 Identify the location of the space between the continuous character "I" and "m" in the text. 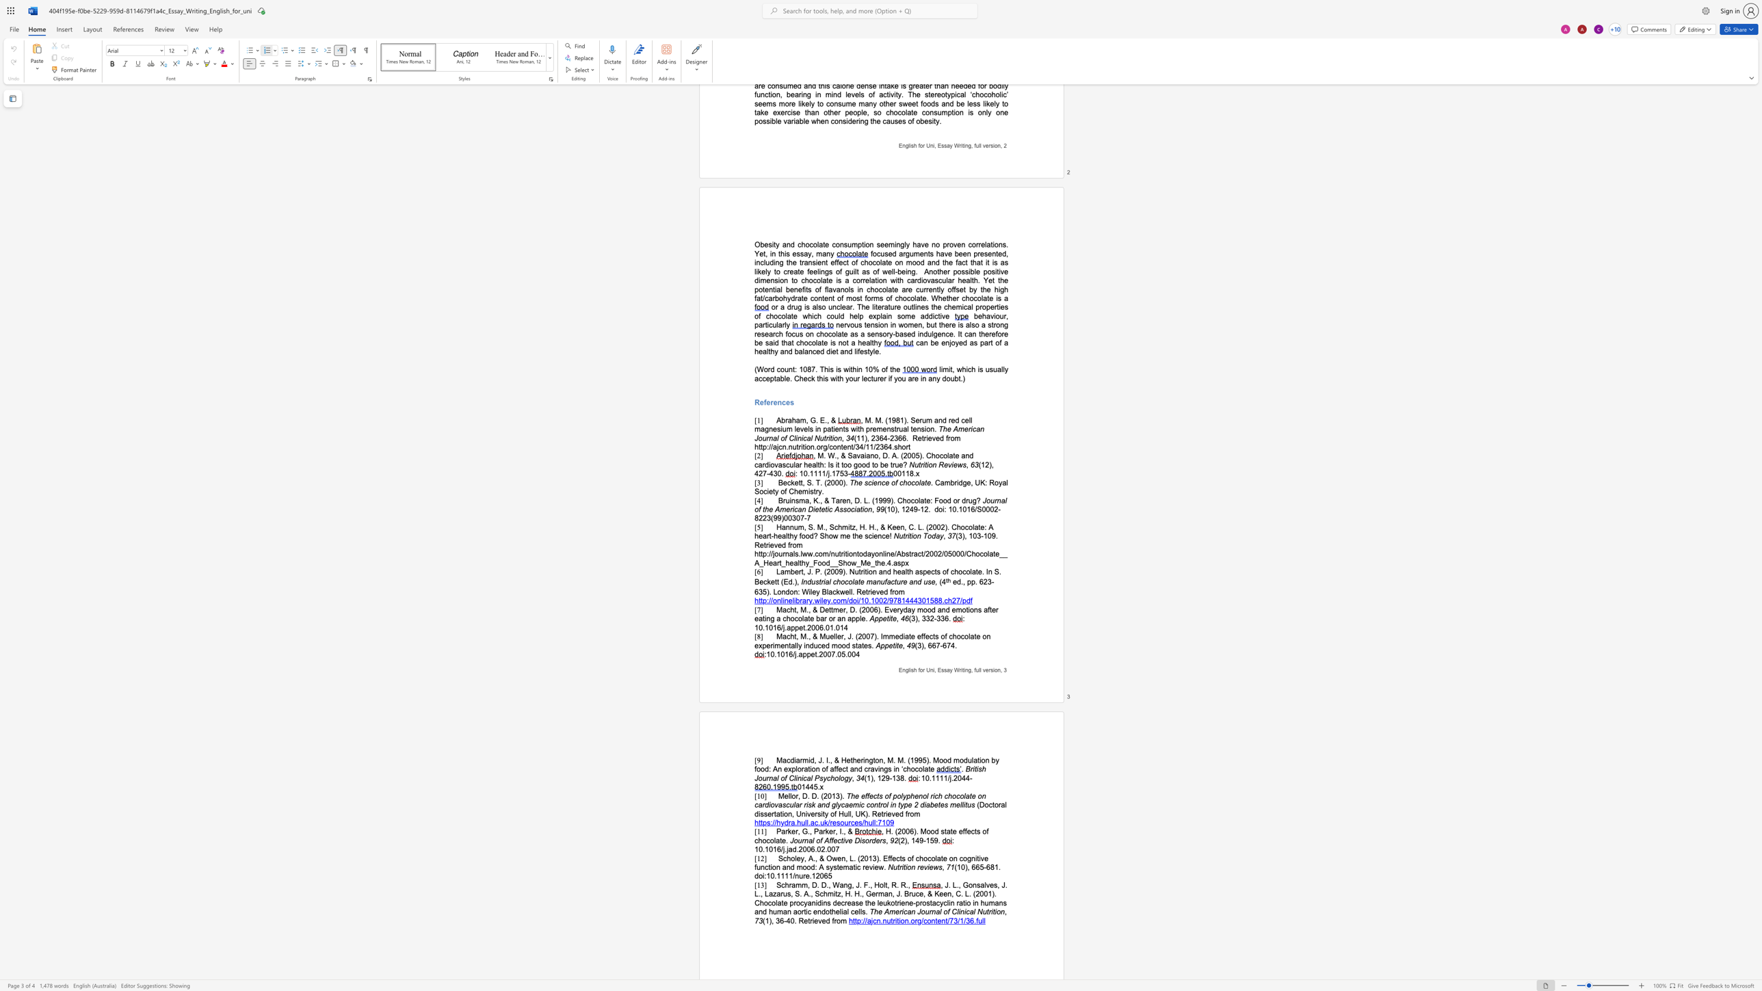
(884, 636).